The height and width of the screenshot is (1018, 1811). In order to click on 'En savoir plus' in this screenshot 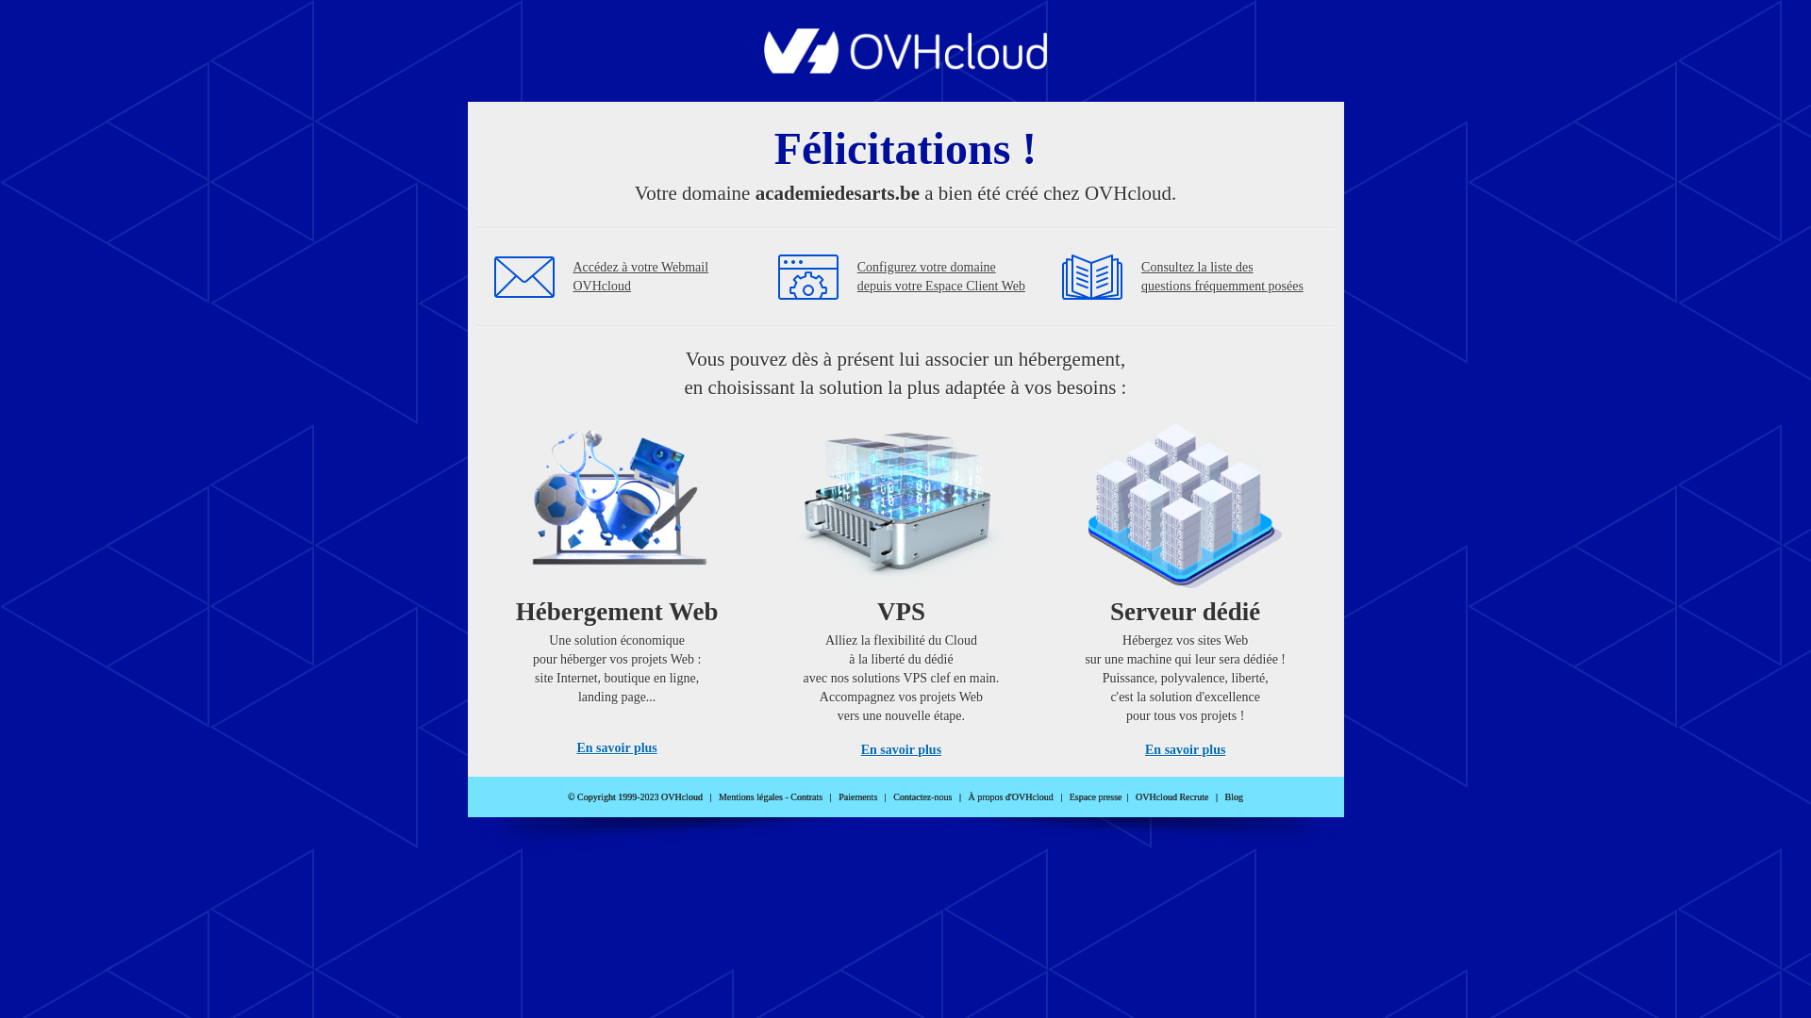, I will do `click(616, 747)`.